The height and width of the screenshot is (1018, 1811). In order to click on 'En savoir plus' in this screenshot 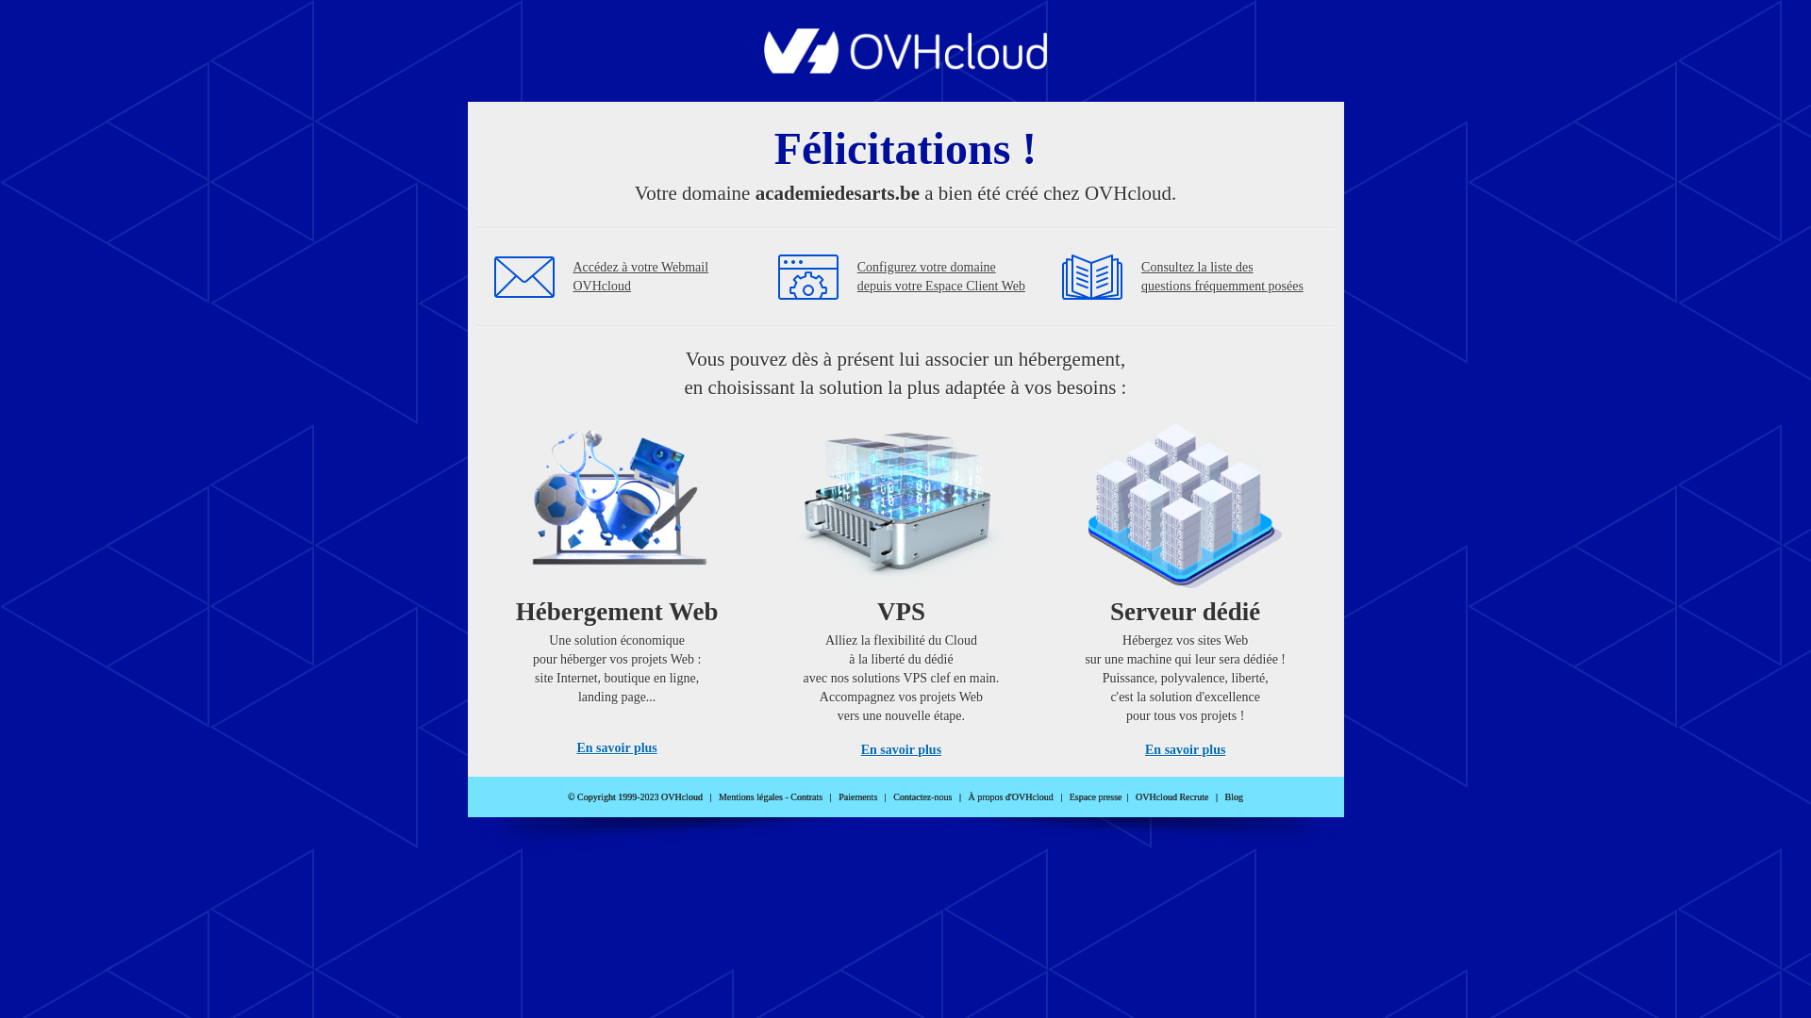, I will do `click(616, 747)`.